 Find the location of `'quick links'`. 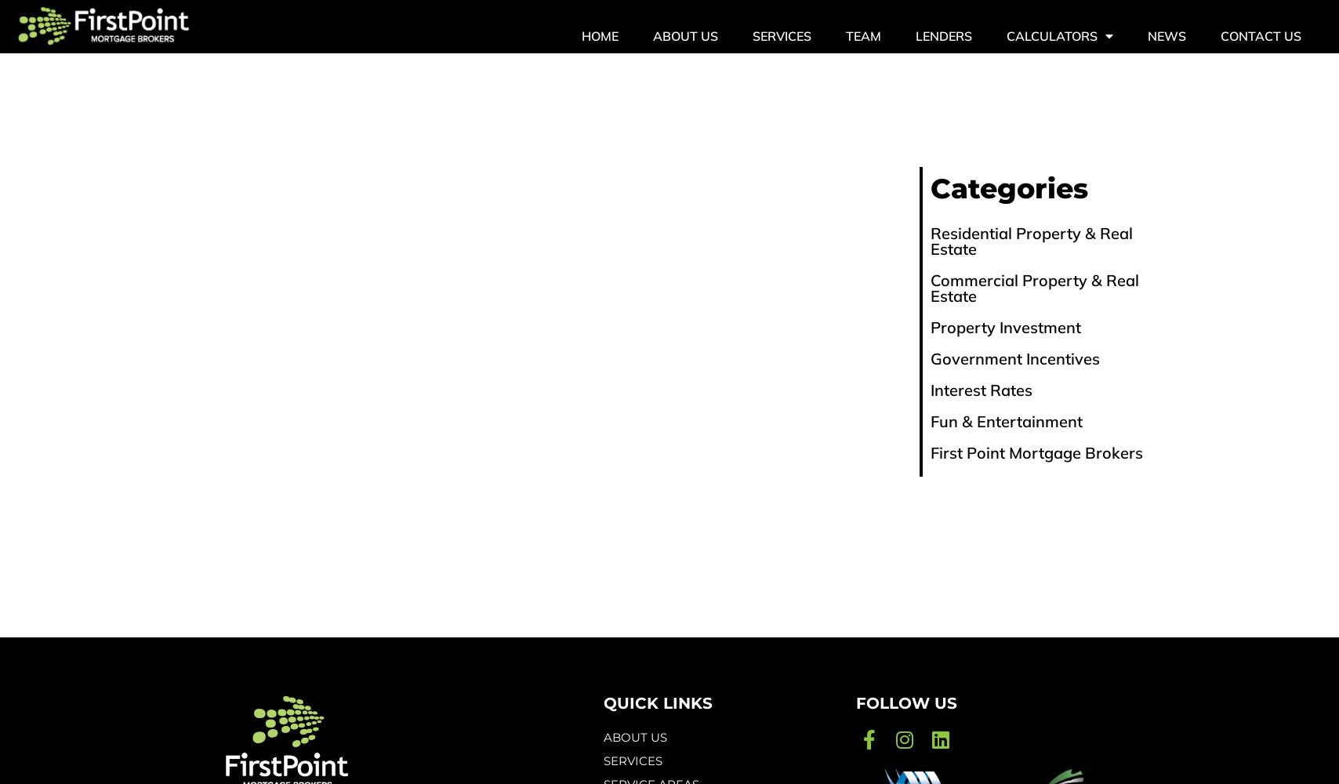

'quick links' is located at coordinates (658, 703).